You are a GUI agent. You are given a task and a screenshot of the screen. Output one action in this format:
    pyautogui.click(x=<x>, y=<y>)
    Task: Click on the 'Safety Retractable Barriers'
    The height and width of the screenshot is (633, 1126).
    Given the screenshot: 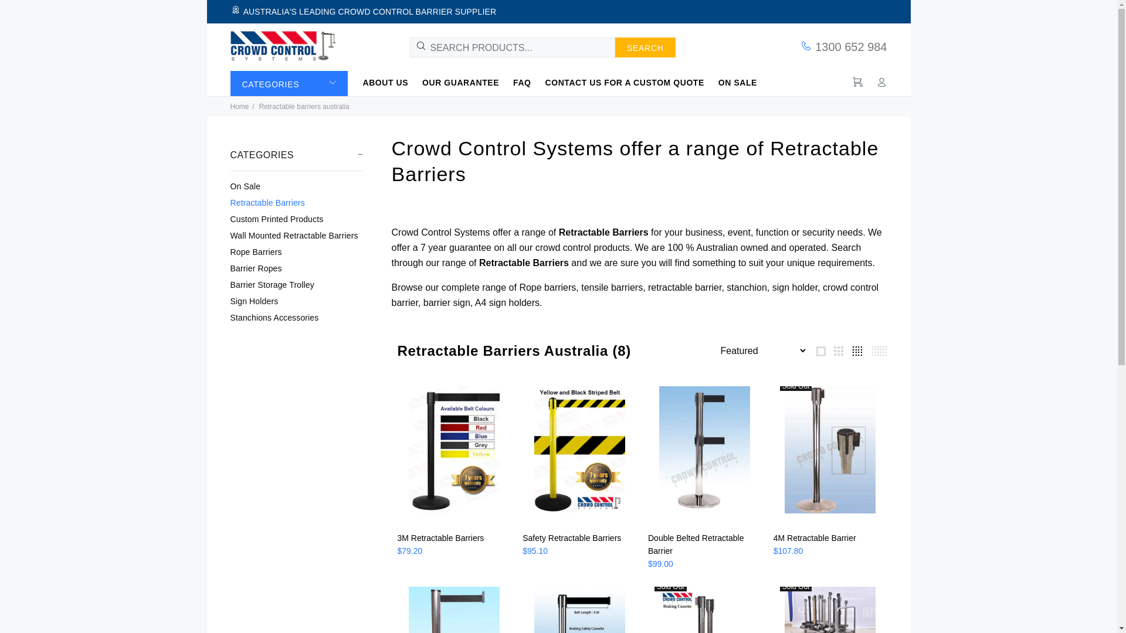 What is the action you would take?
    pyautogui.click(x=571, y=538)
    